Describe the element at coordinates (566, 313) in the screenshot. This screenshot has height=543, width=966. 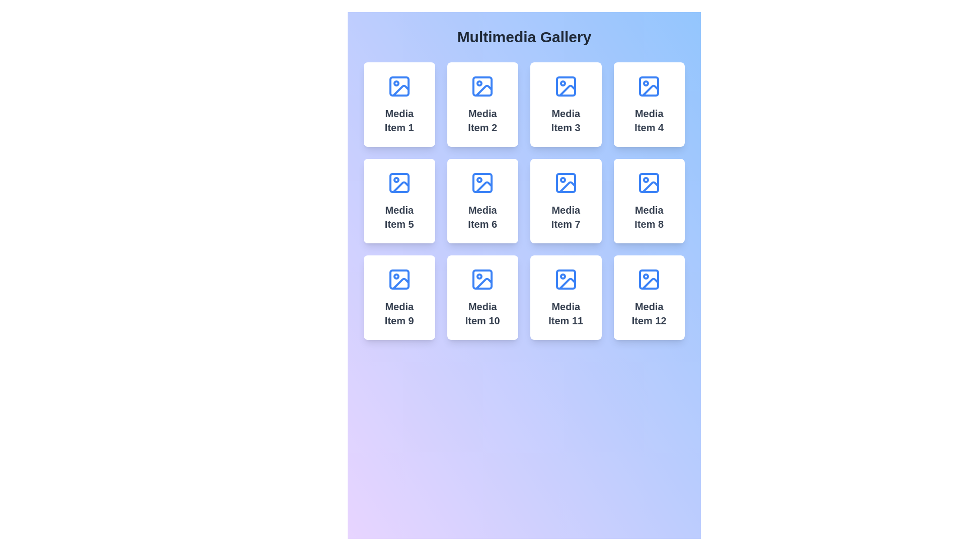
I see `the non-interactive Text Label that identifies the corresponding media item, located in the third row and second column of the grid layout` at that location.